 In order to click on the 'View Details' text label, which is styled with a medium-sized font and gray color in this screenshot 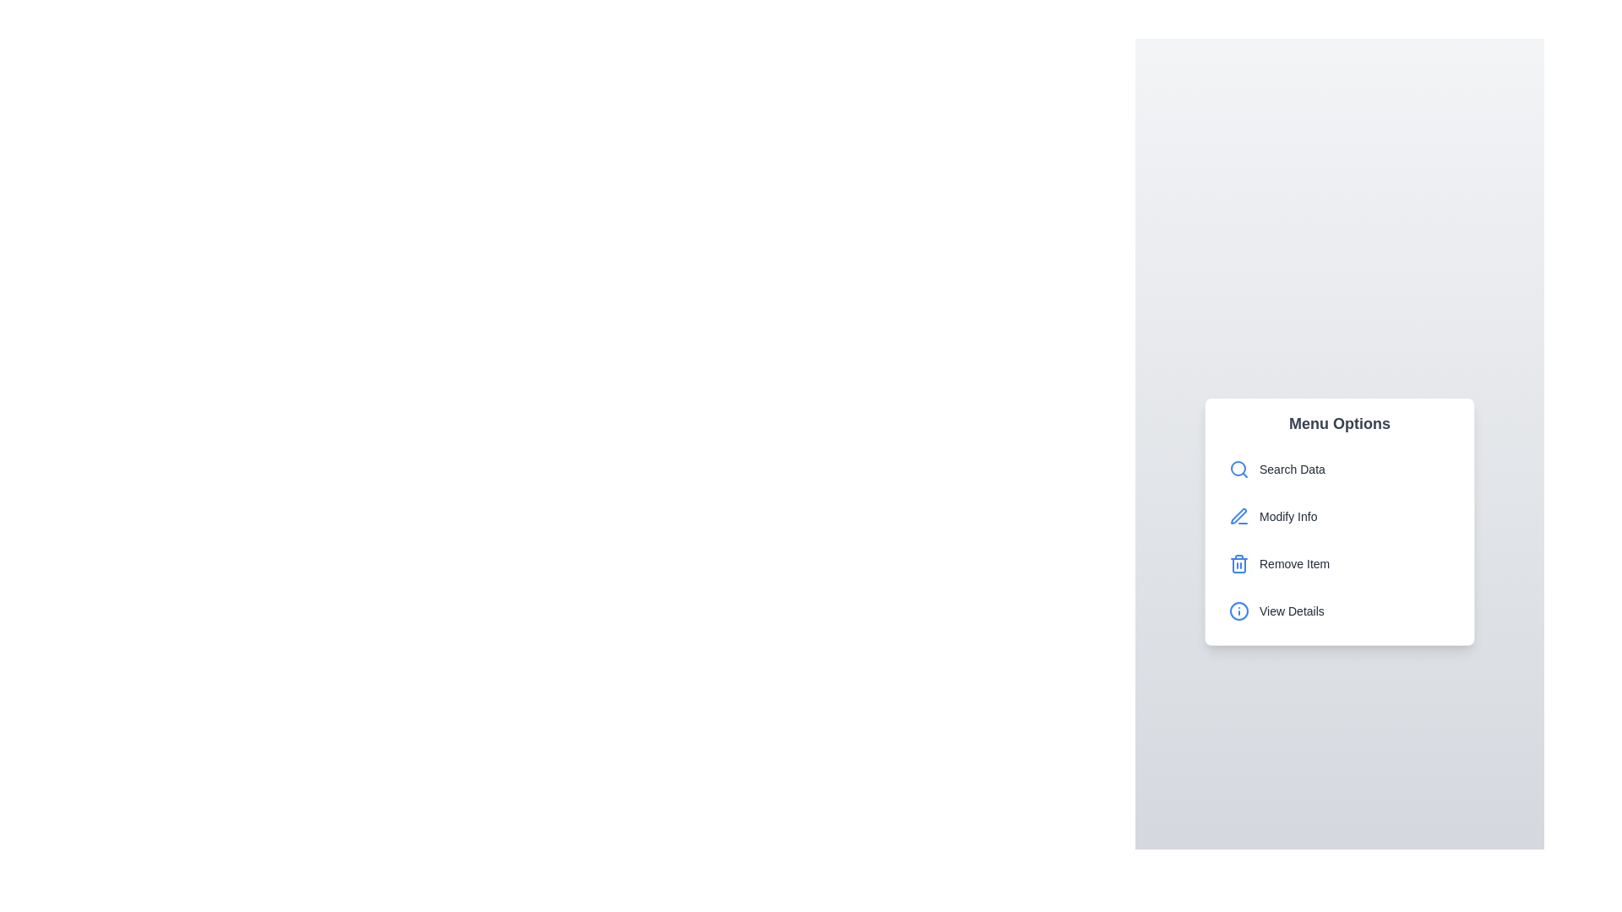, I will do `click(1291, 611)`.